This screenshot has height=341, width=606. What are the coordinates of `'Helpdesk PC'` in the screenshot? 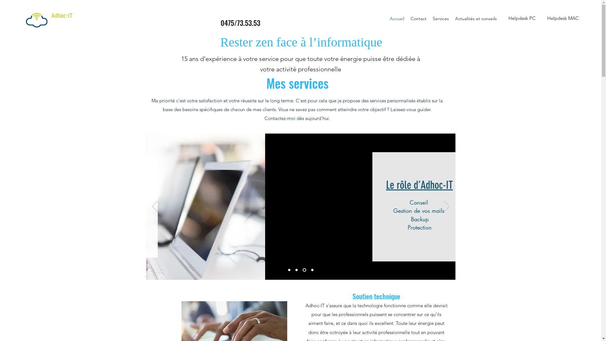 It's located at (522, 18).